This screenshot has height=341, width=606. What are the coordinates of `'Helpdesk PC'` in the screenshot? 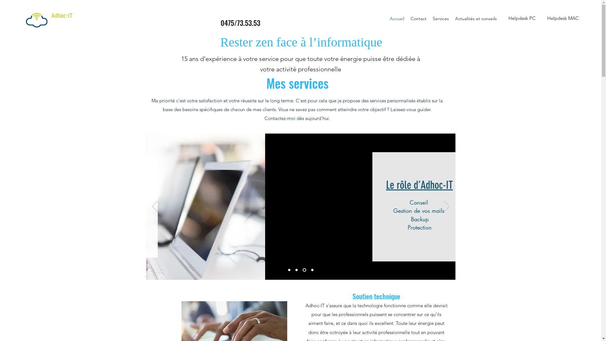 It's located at (522, 18).